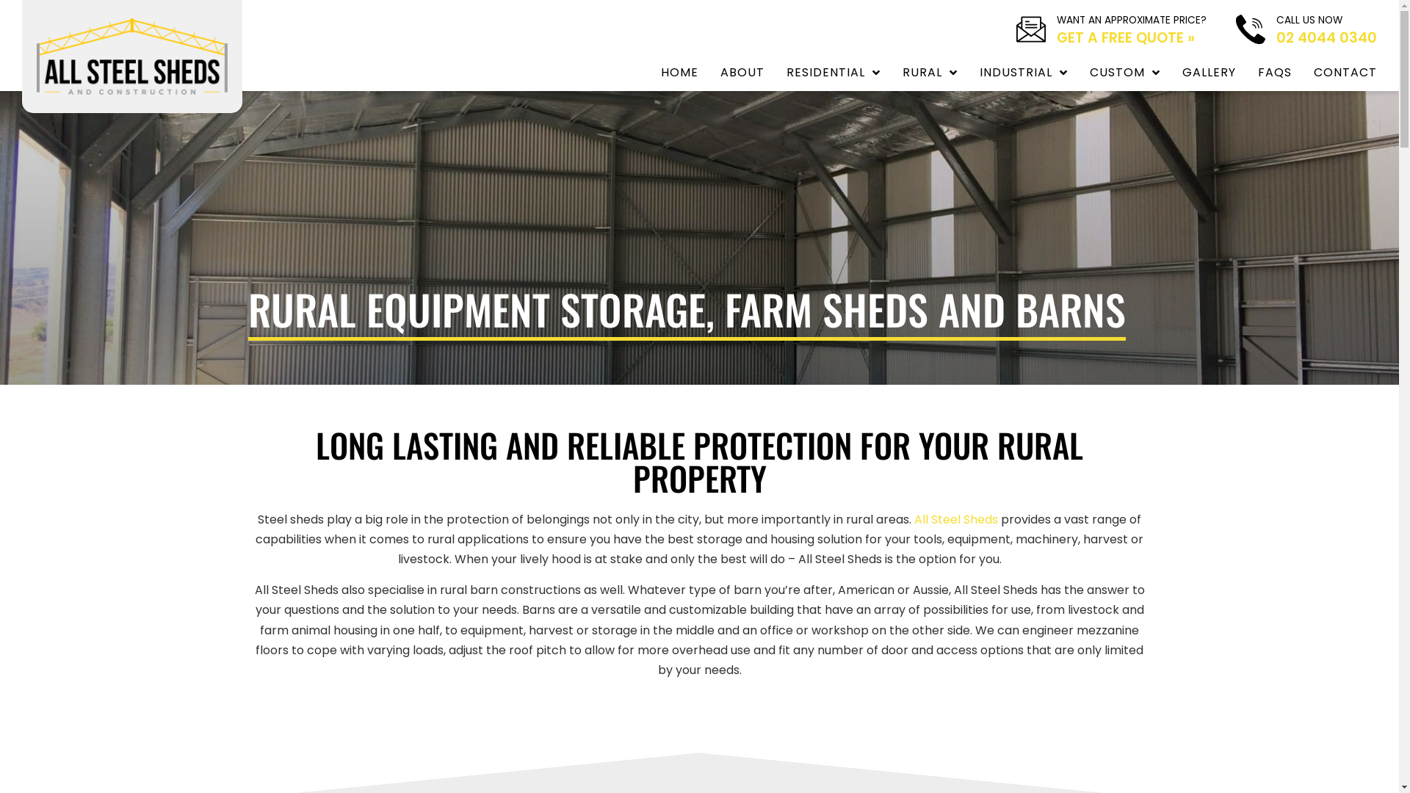 The image size is (1410, 793). Describe the element at coordinates (679, 73) in the screenshot. I see `'HOME'` at that location.